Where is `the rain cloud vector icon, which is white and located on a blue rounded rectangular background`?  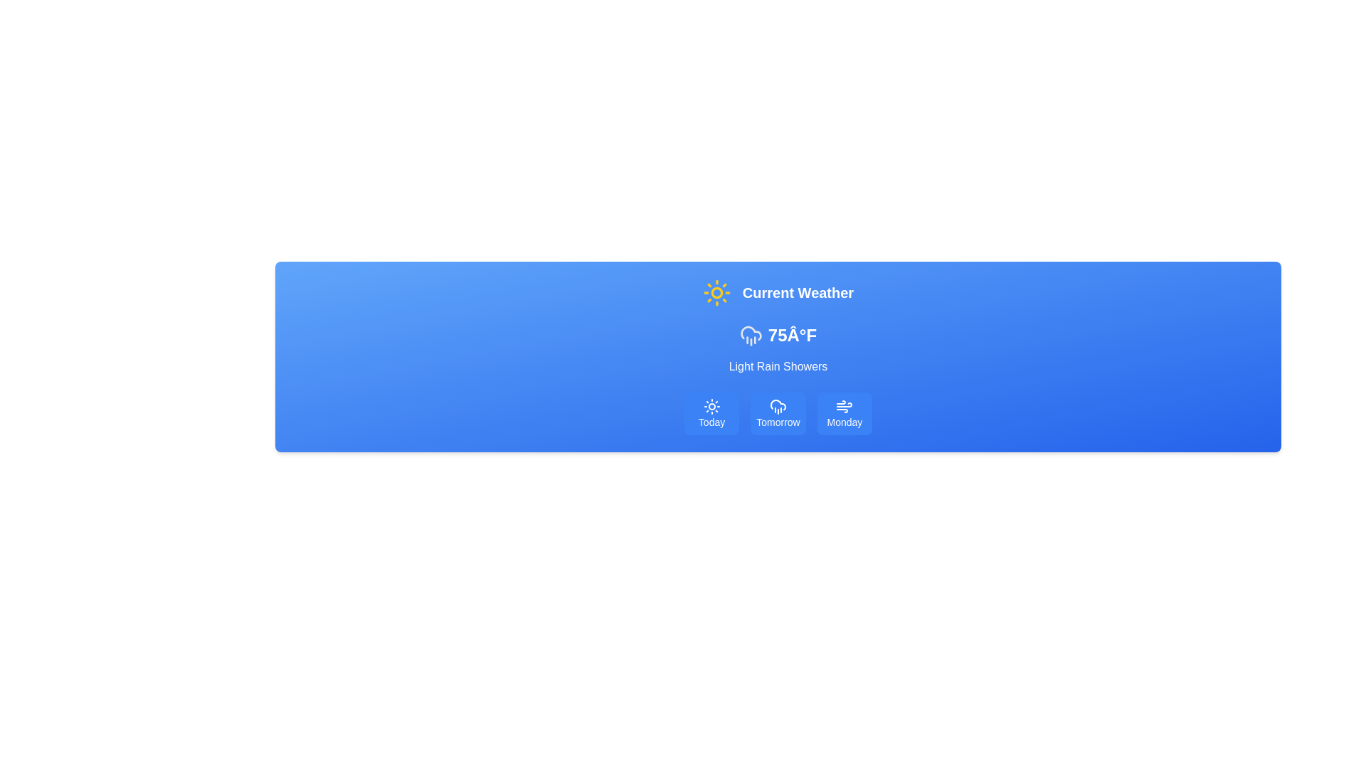
the rain cloud vector icon, which is white and located on a blue rounded rectangular background is located at coordinates (778, 406).